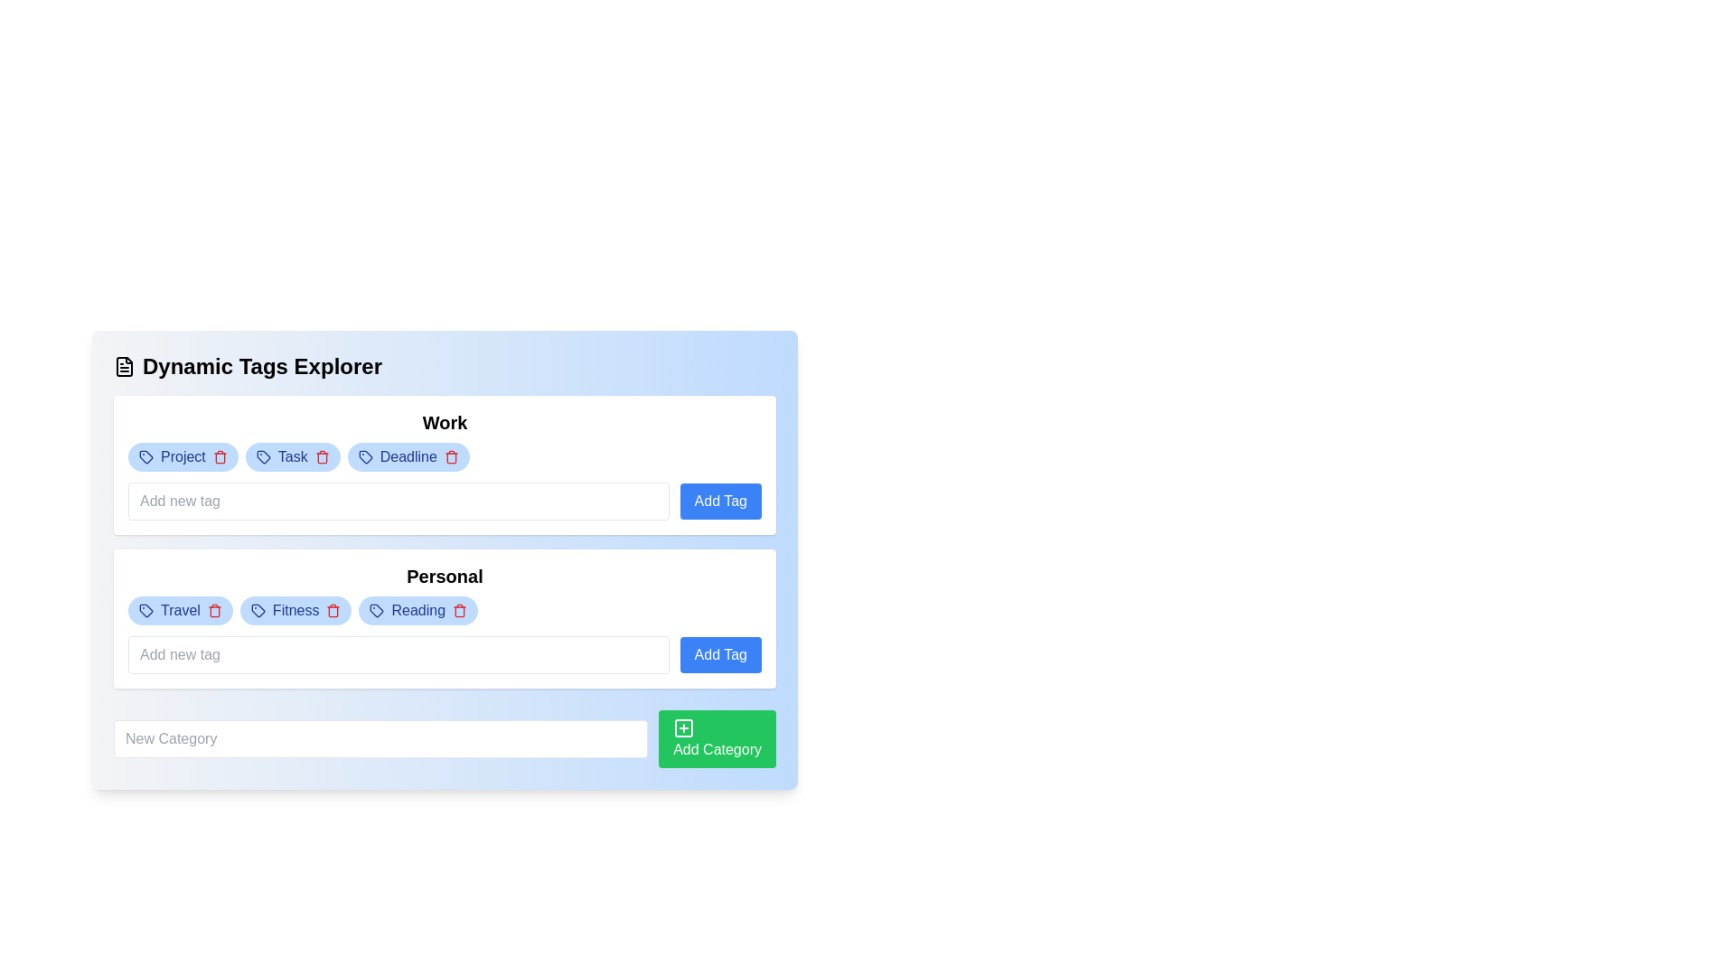  What do you see at coordinates (293, 455) in the screenshot?
I see `the second tag element labeled 'Task' with a light blue background and dark blue text, situated in the 'Work' category between 'Project' and 'Deadline' tags` at bounding box center [293, 455].